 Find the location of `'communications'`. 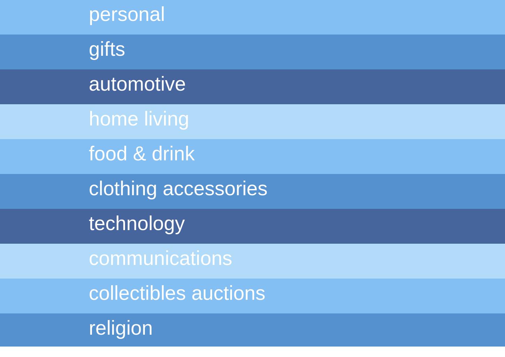

'communications' is located at coordinates (89, 258).